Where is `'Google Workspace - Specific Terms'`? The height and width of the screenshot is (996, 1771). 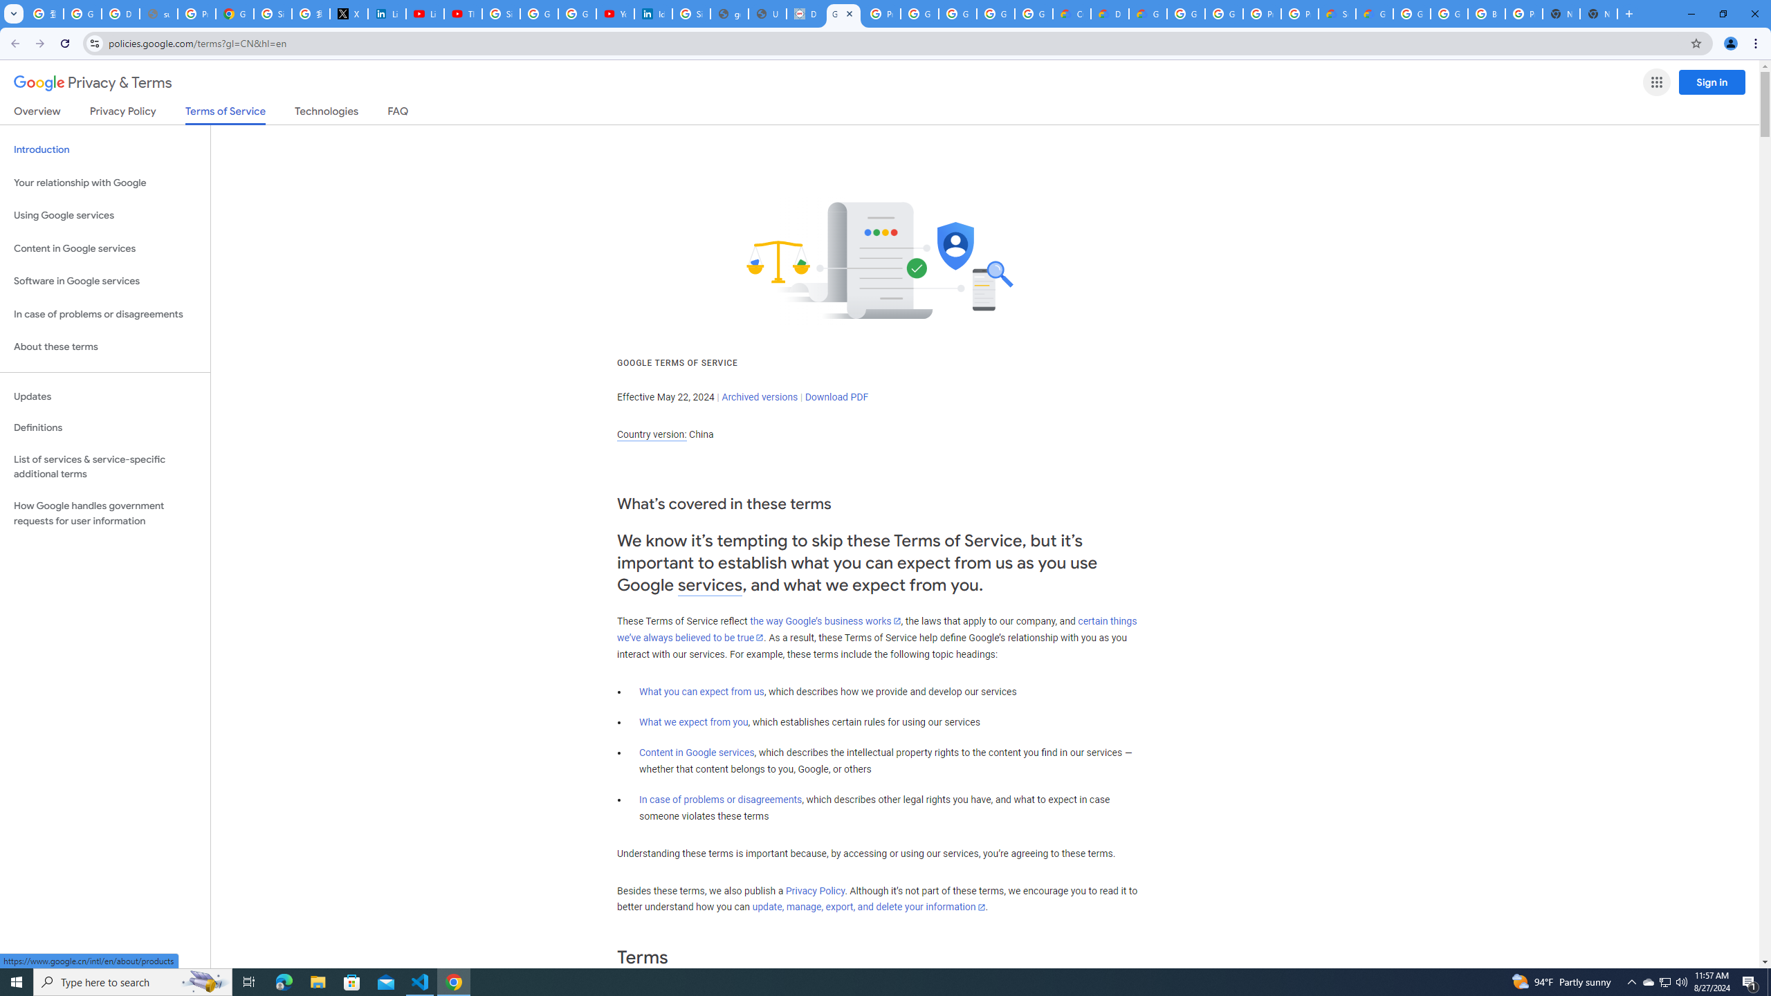 'Google Workspace - Specific Terms' is located at coordinates (995, 13).